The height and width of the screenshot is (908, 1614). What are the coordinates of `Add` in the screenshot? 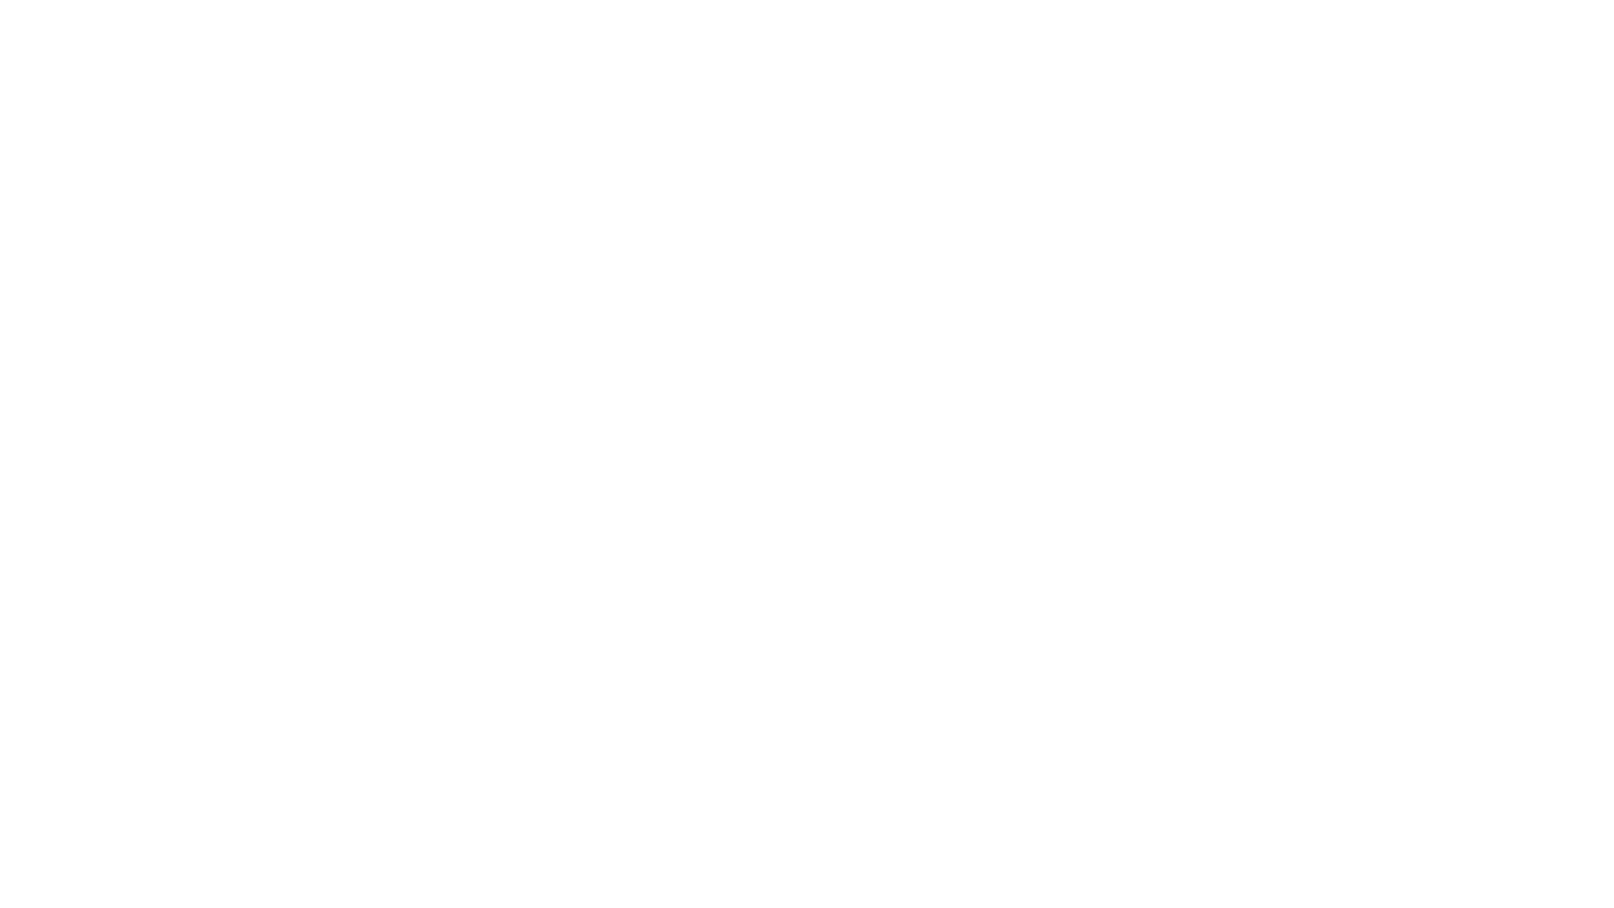 It's located at (605, 141).